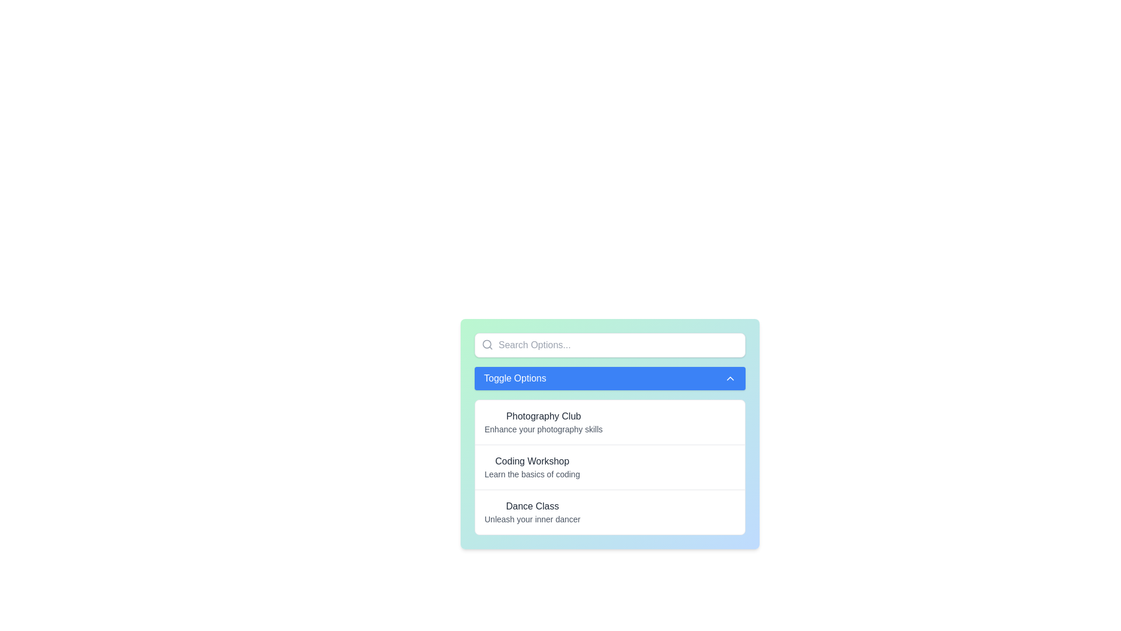 The height and width of the screenshot is (631, 1121). What do you see at coordinates (730, 379) in the screenshot?
I see `the chevron icon next to the 'Toggle Options' button` at bounding box center [730, 379].